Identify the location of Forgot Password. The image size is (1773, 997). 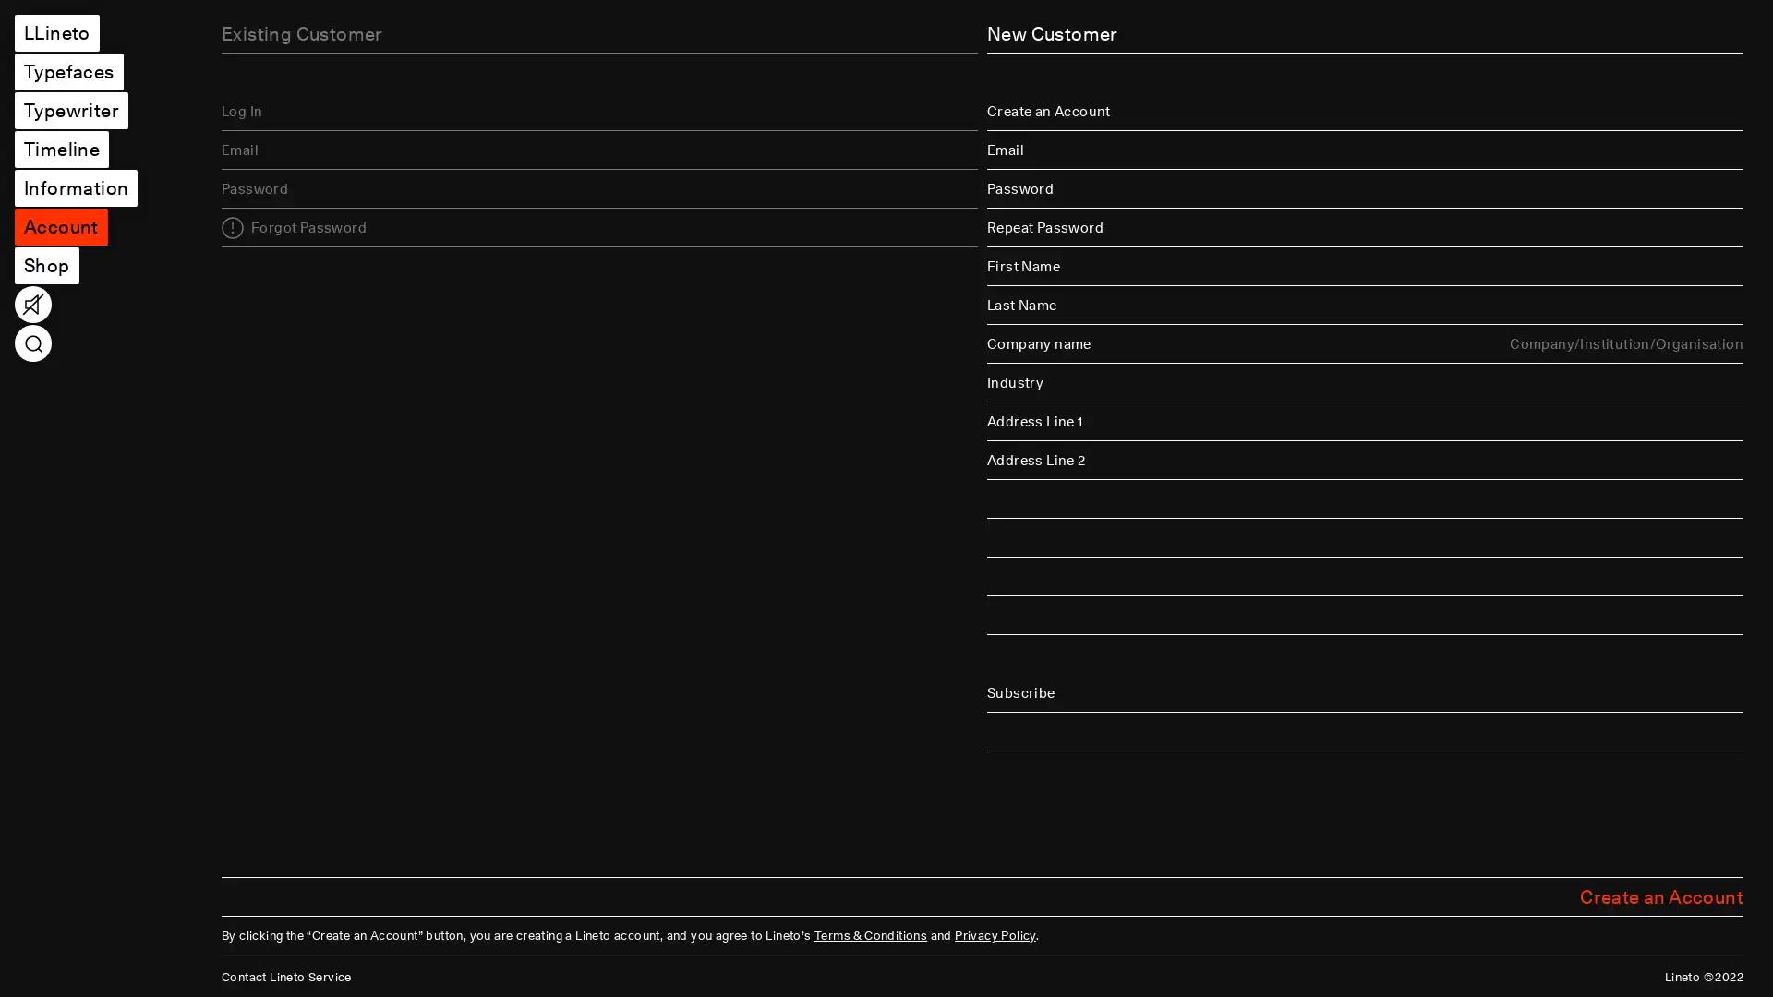
(293, 226).